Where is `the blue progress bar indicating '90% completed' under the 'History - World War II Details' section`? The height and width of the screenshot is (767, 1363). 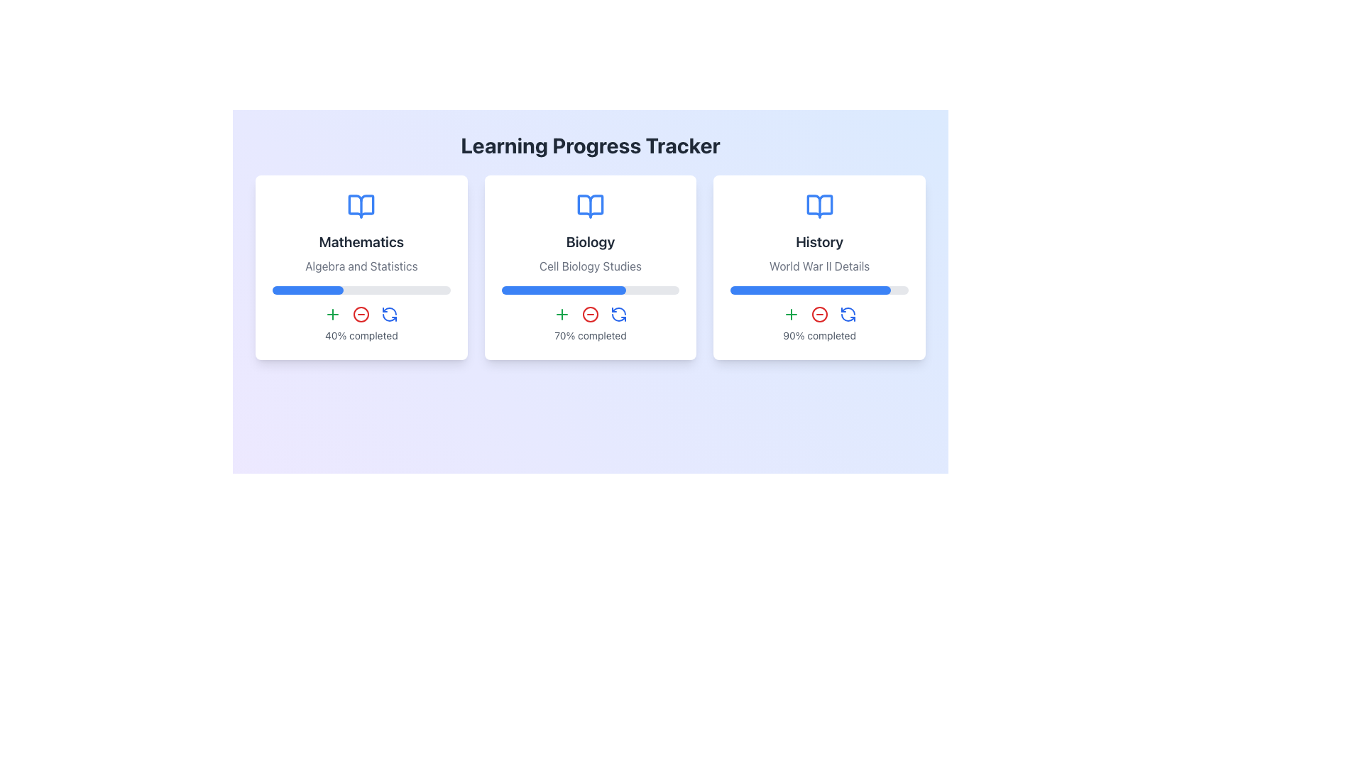
the blue progress bar indicating '90% completed' under the 'History - World War II Details' section is located at coordinates (811, 289).